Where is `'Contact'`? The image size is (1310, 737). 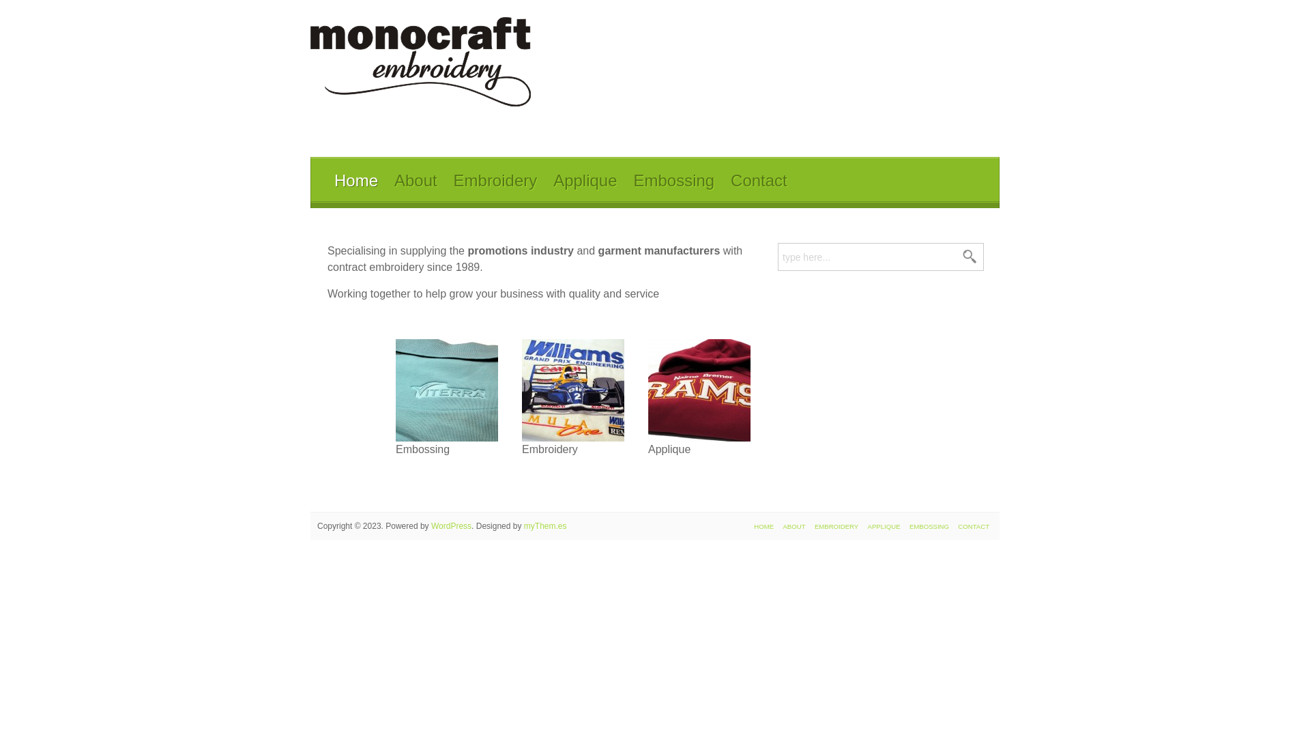 'Contact' is located at coordinates (758, 181).